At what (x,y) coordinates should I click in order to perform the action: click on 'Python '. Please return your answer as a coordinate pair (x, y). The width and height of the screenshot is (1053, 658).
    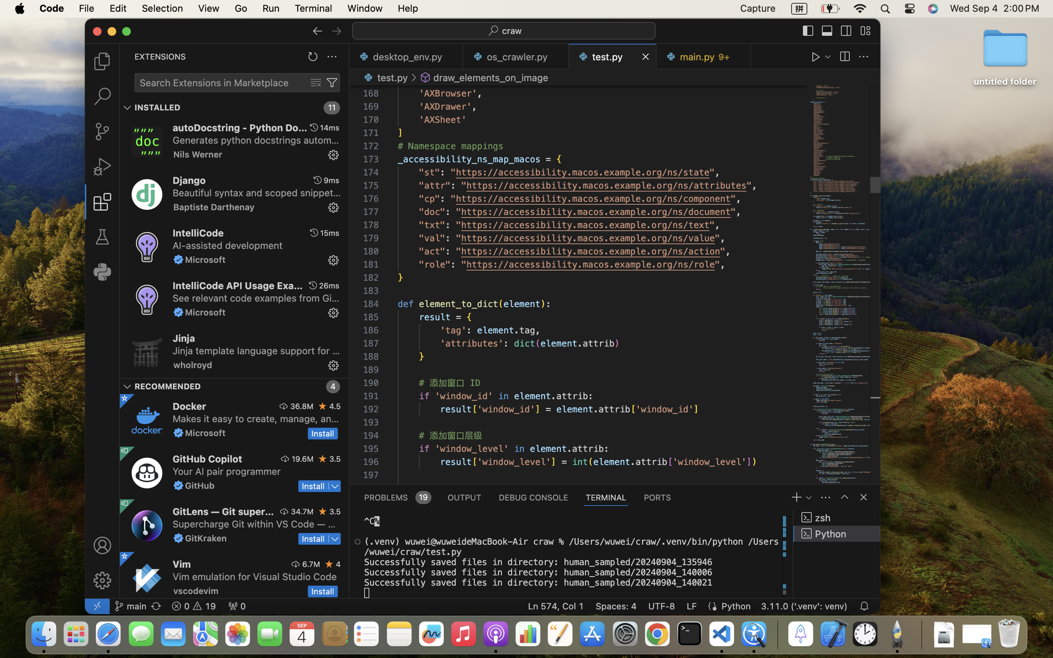
    Looking at the image, I should click on (837, 533).